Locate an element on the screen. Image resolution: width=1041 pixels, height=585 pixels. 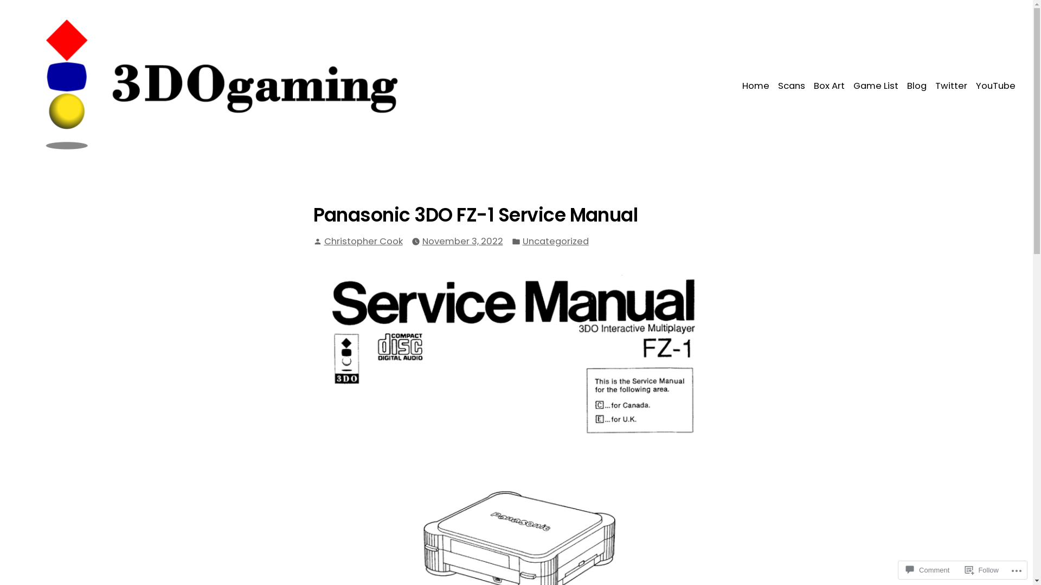
'Comment' is located at coordinates (927, 569).